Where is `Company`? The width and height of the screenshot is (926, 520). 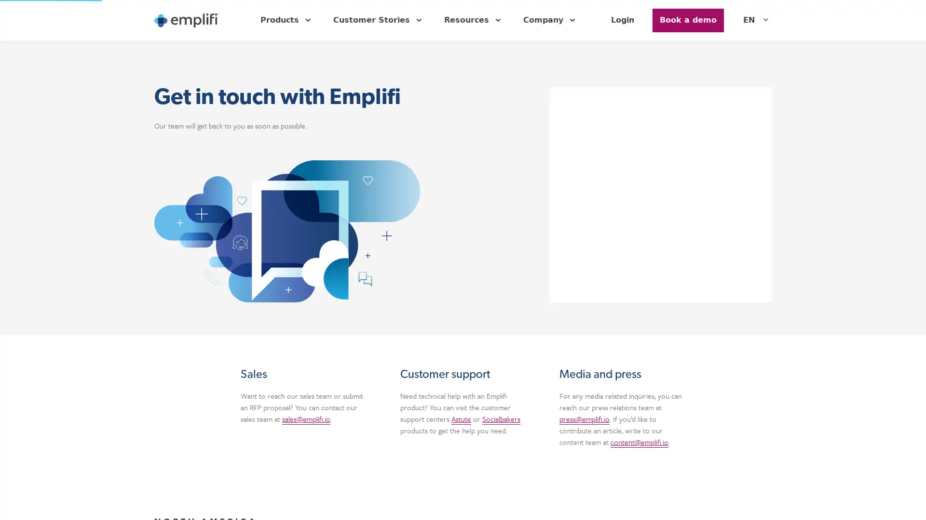 Company is located at coordinates (551, 20).